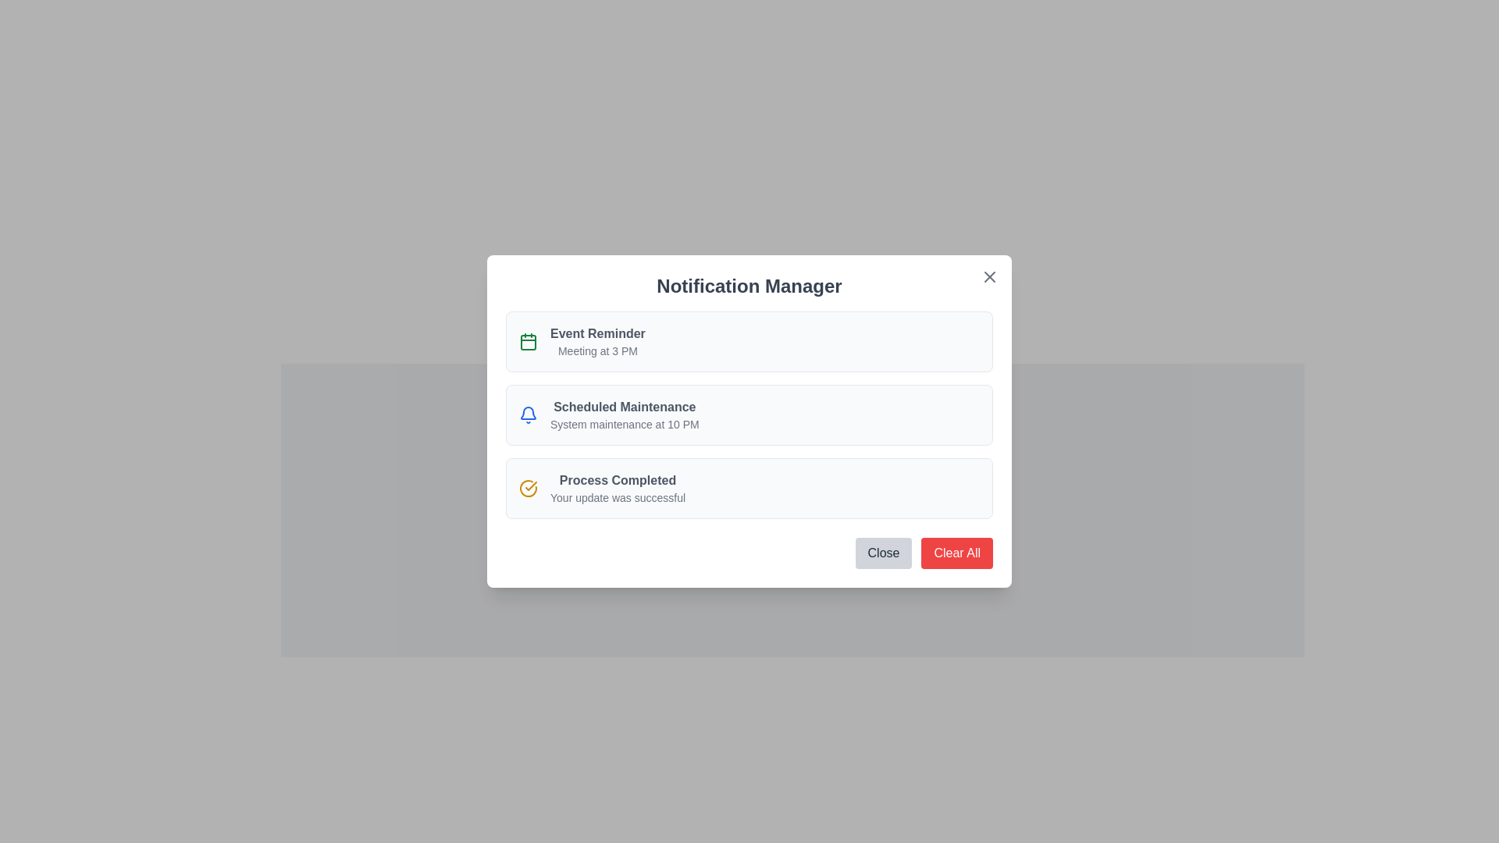 The image size is (1499, 843). I want to click on the small clickable 'X' icon located at the upper-right corner of the notification modal to observe a styling change, so click(988, 276).